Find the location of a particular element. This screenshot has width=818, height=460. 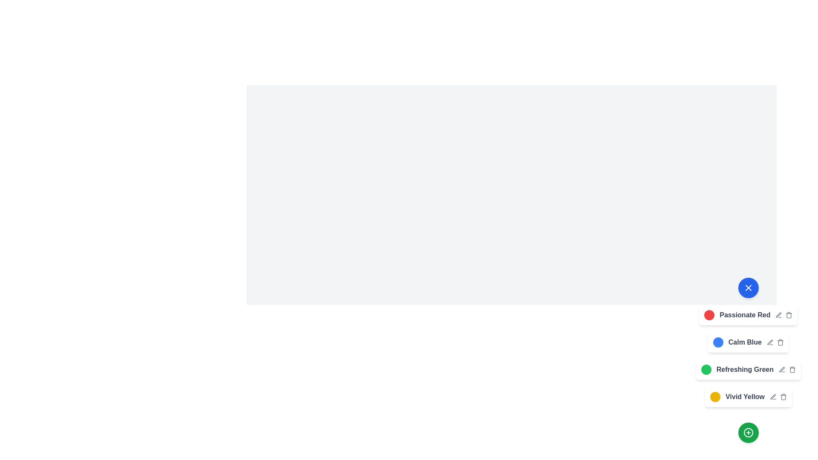

the trash icon to delete the color theme Passionate Red is located at coordinates (789, 315).